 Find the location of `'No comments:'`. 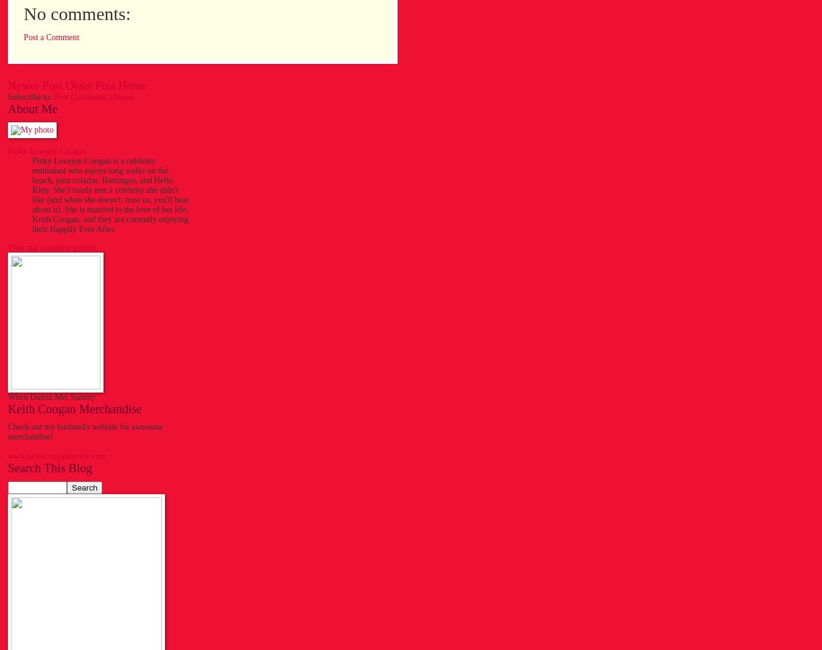

'No comments:' is located at coordinates (23, 13).